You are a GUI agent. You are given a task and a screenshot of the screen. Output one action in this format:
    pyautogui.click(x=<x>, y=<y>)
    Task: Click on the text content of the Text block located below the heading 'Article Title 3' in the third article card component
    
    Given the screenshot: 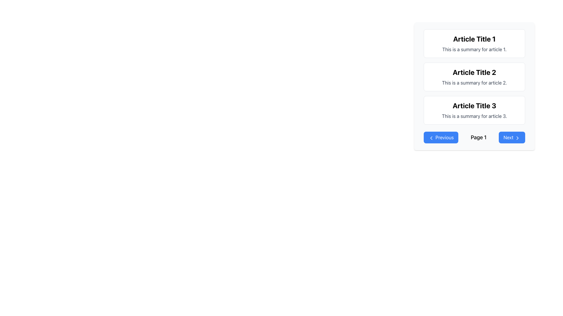 What is the action you would take?
    pyautogui.click(x=474, y=116)
    